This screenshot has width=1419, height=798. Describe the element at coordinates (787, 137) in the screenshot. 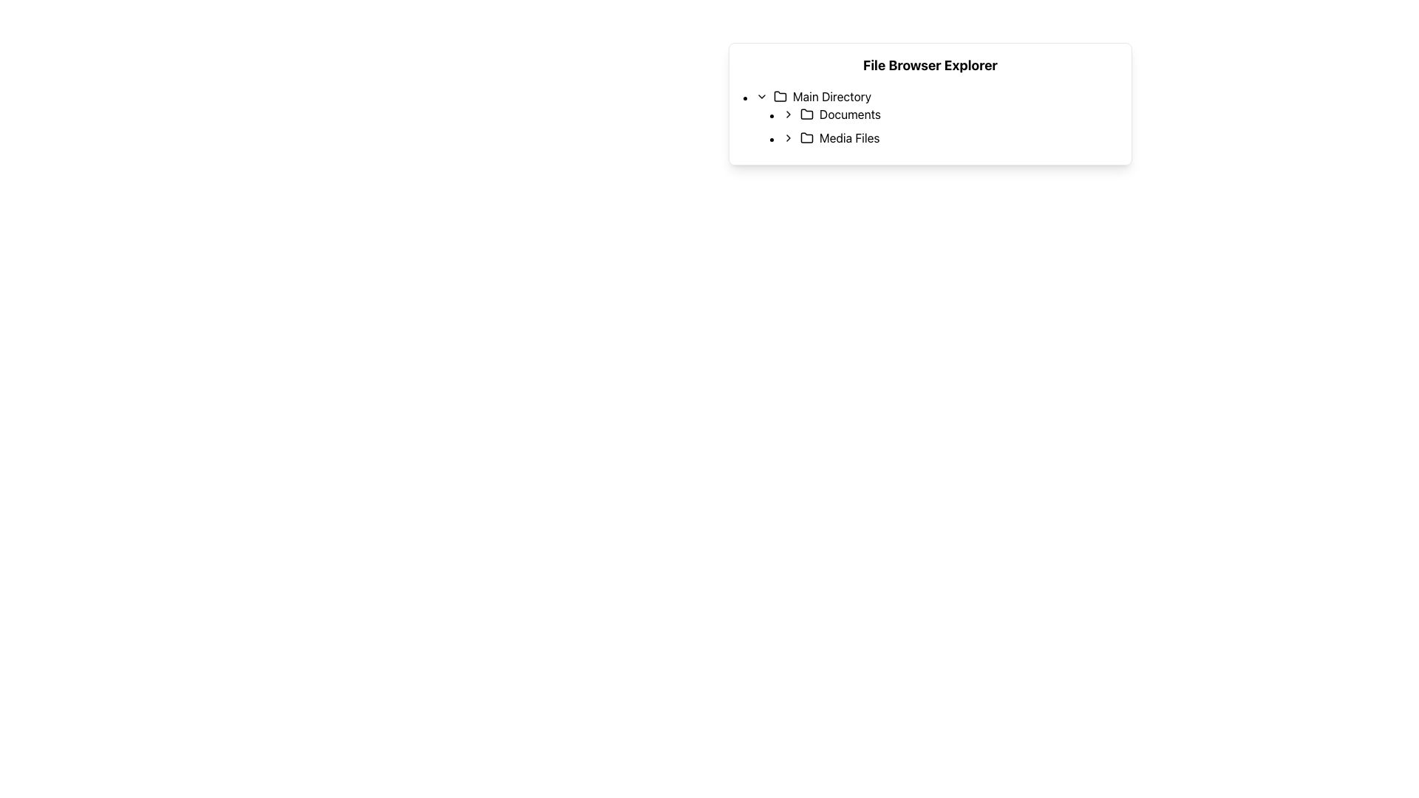

I see `the small right-pointing chevron icon located to the left of the 'Media Files' label` at that location.